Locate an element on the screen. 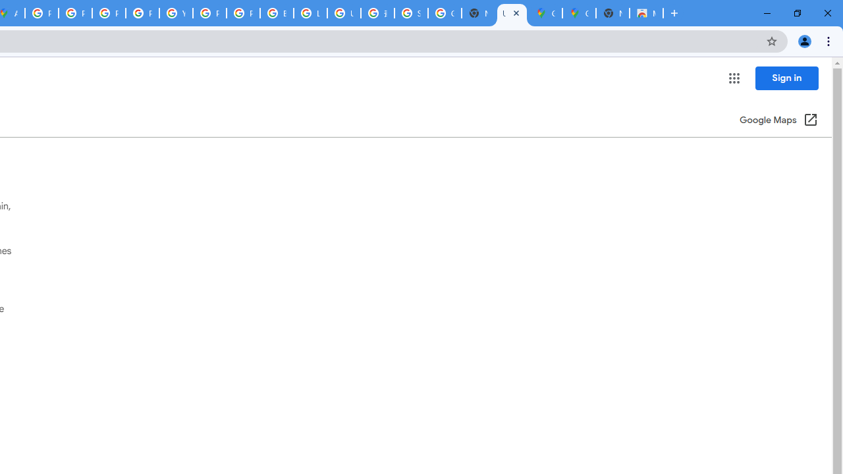 The height and width of the screenshot is (474, 843). 'Privacy Help Center - Policies Help' is located at coordinates (109, 13).